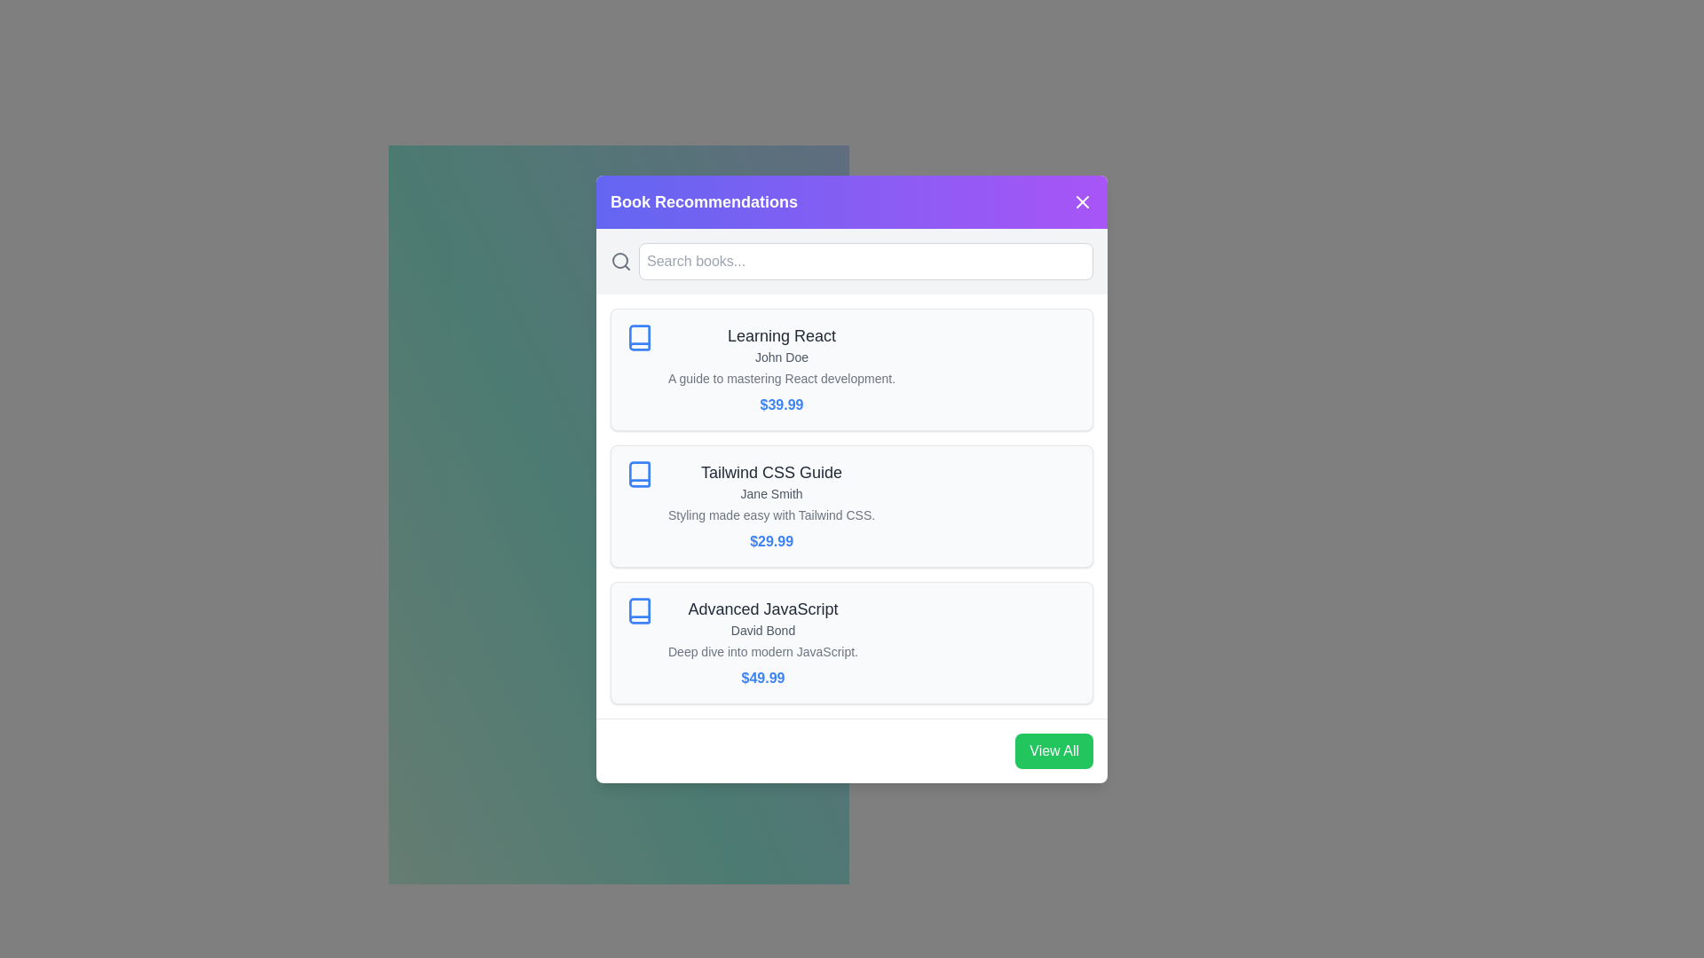 The image size is (1704, 958). What do you see at coordinates (781, 335) in the screenshot?
I see `the text label displaying 'Learning React' in the first recommendation card under 'Book Recommendations'` at bounding box center [781, 335].